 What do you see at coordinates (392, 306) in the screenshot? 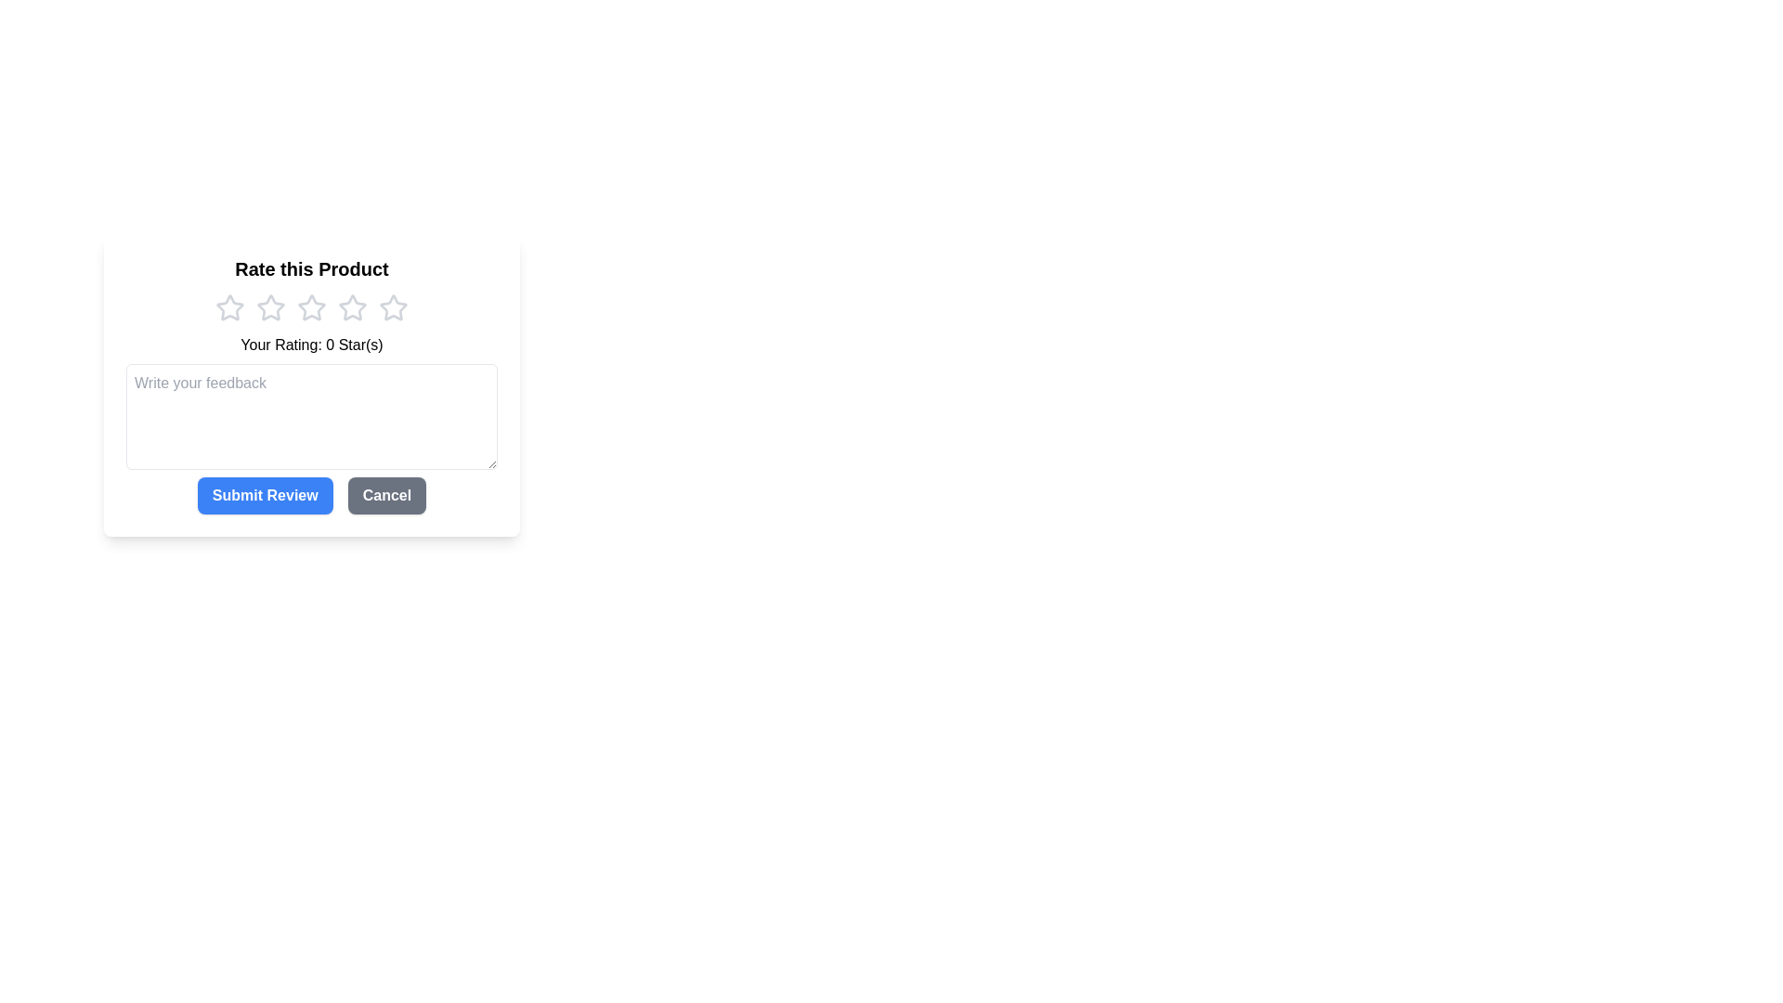
I see `the fifth unfilled gray star icon for further interaction in the 'Rate this Product' section, located above 'Your Rating: 0 Star(s)'` at bounding box center [392, 306].